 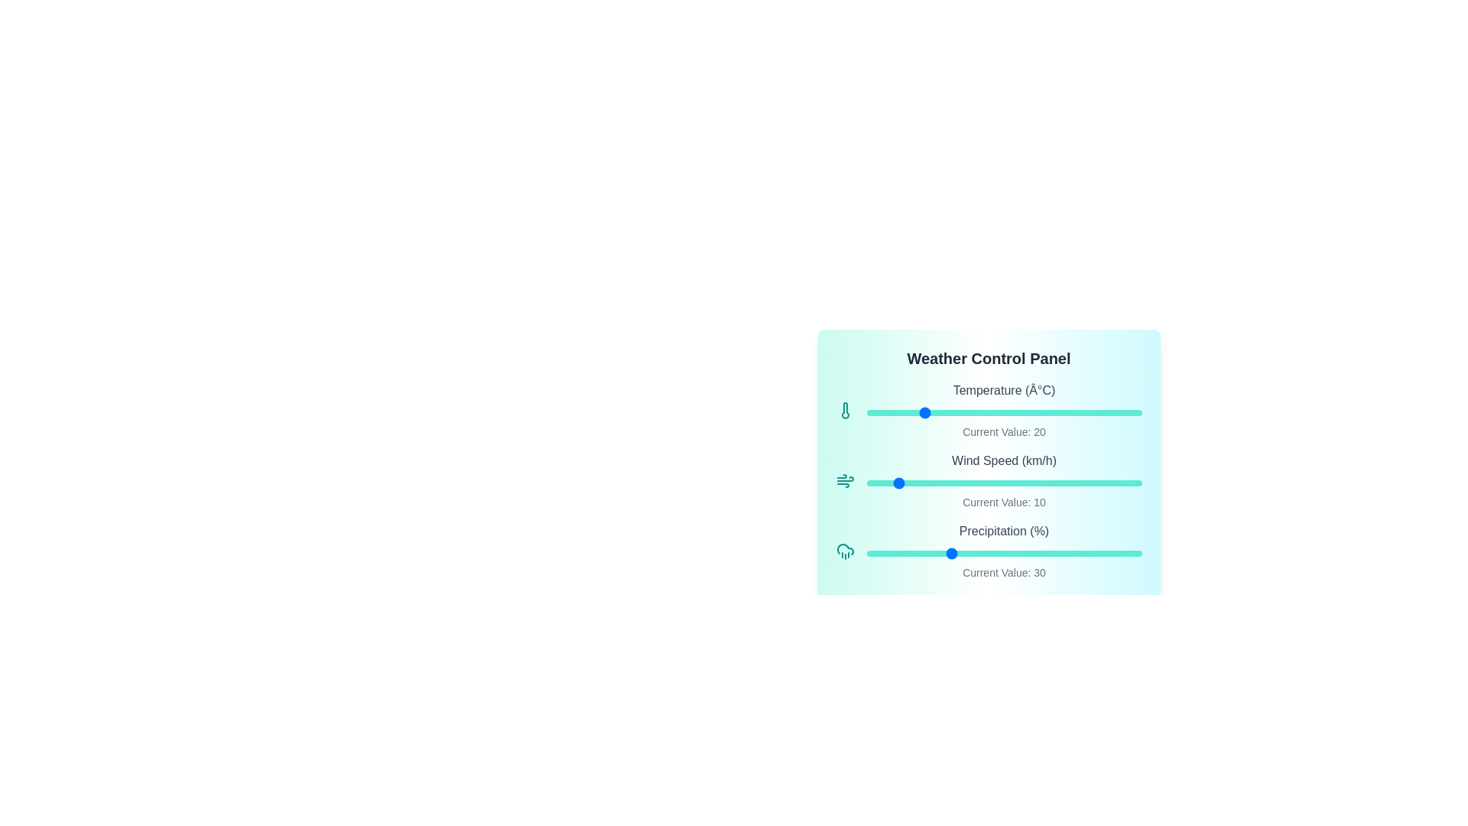 What do you see at coordinates (948, 554) in the screenshot?
I see `the precipitation slider to set it to 30%` at bounding box center [948, 554].